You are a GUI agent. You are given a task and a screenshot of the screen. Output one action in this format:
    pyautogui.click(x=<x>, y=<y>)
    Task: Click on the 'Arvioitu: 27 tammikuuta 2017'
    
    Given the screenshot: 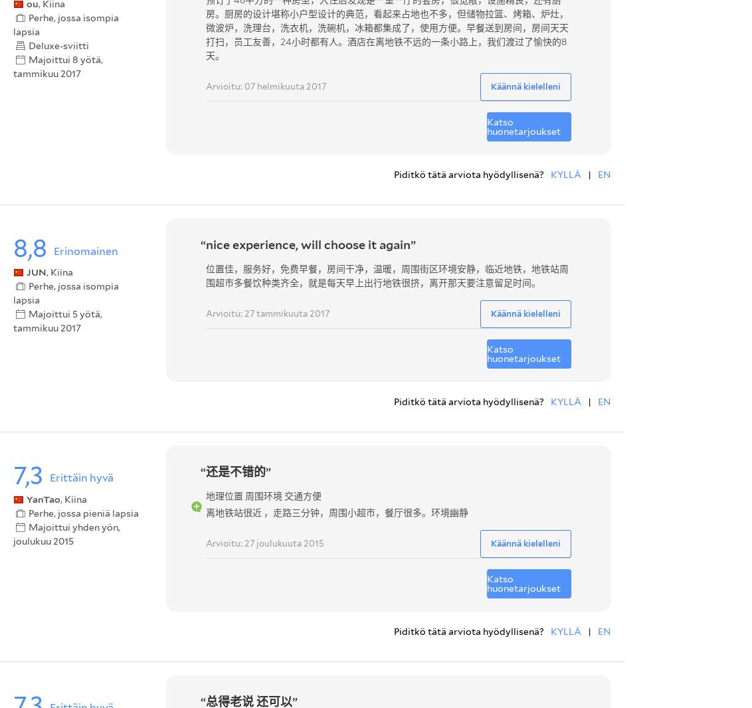 What is the action you would take?
    pyautogui.click(x=266, y=313)
    